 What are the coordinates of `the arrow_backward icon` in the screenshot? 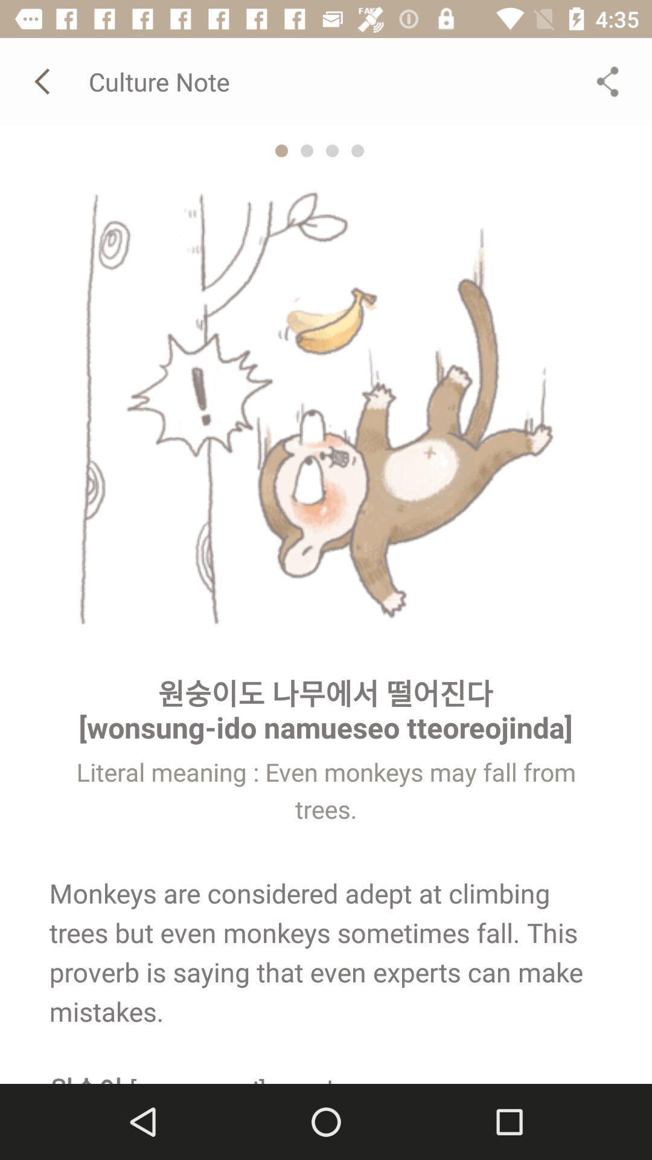 It's located at (43, 80).